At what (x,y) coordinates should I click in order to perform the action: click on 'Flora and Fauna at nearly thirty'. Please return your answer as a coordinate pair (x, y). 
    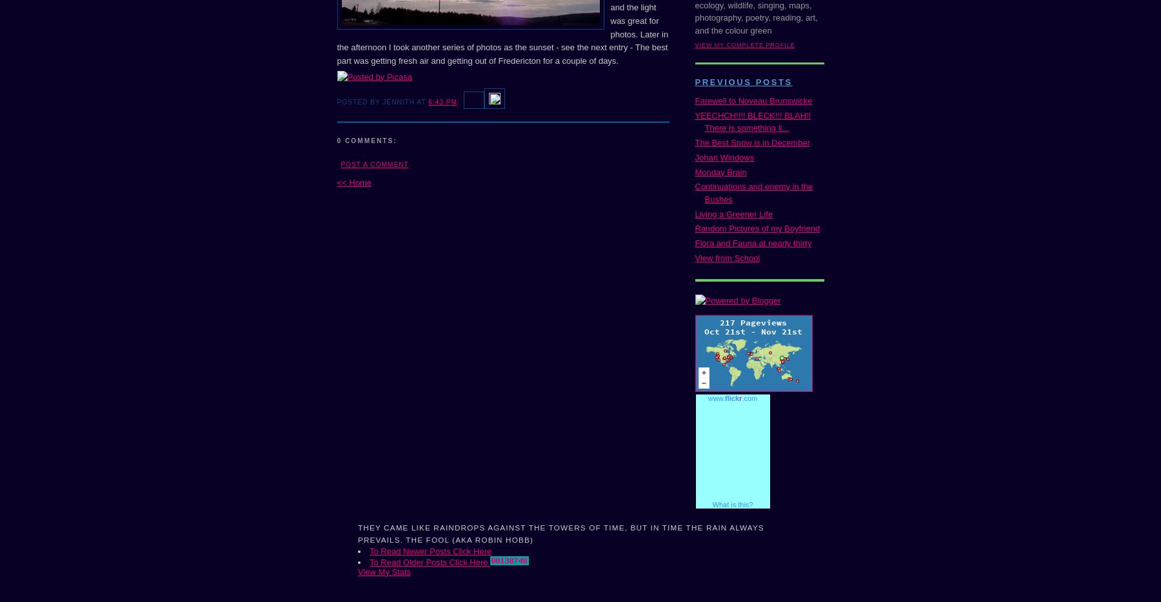
    Looking at the image, I should click on (752, 242).